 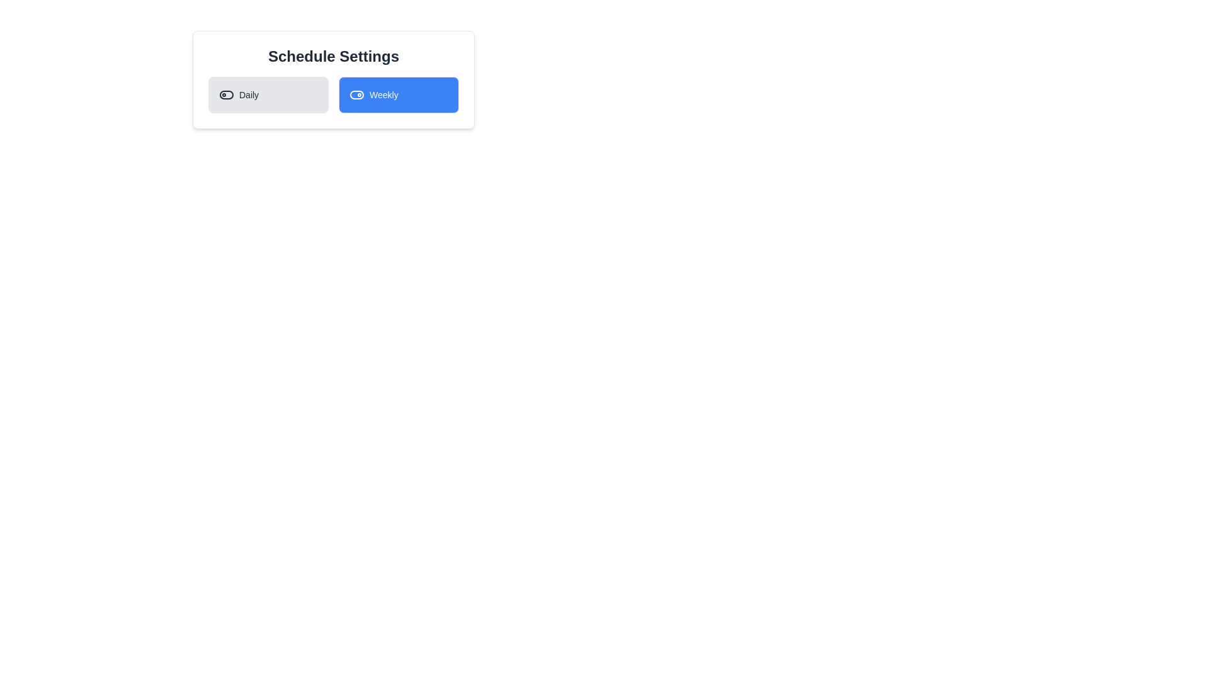 I want to click on the 'Weekly' text label that indicates the activation of the weekly schedule setting within the button component under 'Schedule Settings', so click(x=383, y=94).